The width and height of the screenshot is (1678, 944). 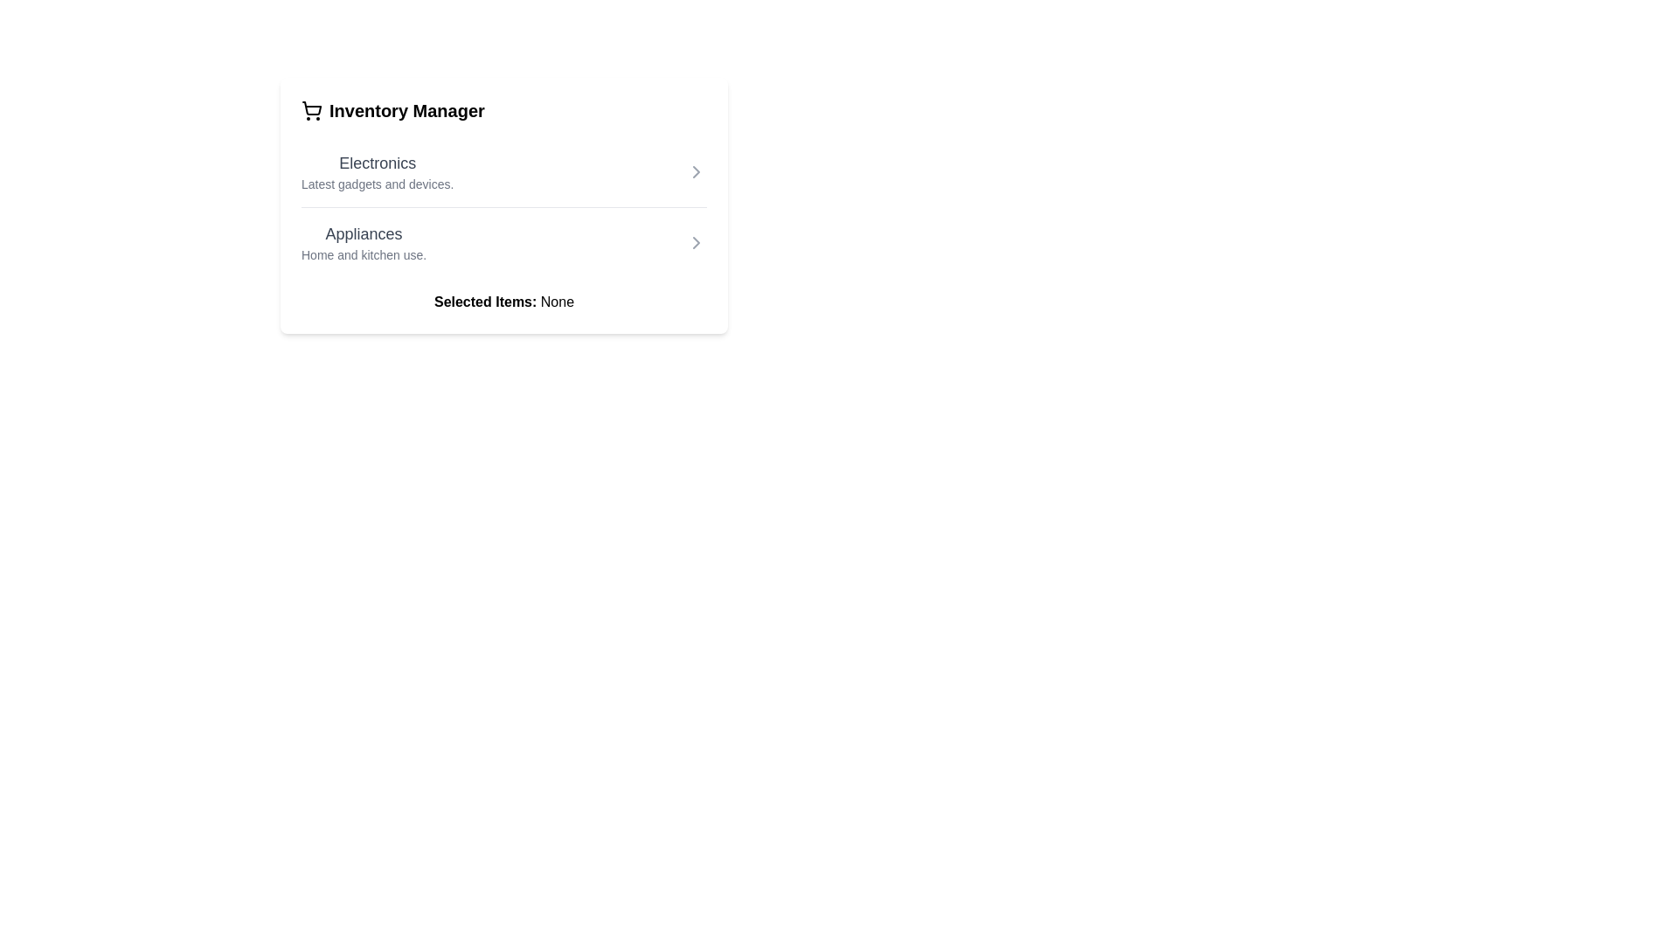 What do you see at coordinates (695, 242) in the screenshot?
I see `the Chevron icon that leads to more details for the 'Appliances' category, located at the far right of the second row` at bounding box center [695, 242].